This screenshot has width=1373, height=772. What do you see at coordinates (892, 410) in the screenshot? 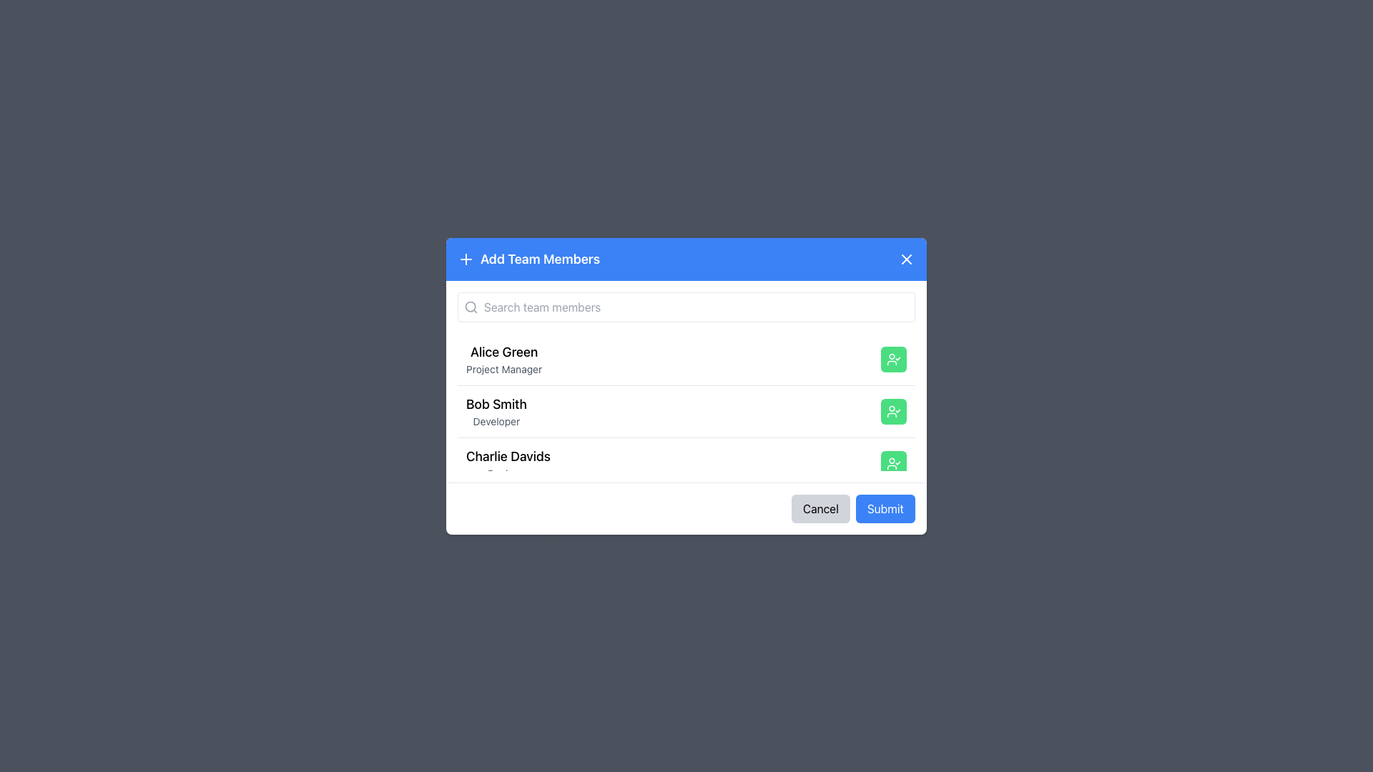
I see `the user profile icon button with a checkmark in a green circular background, located next to 'Bob Smith, Developer' in the 'Add Team Members' section` at bounding box center [892, 410].